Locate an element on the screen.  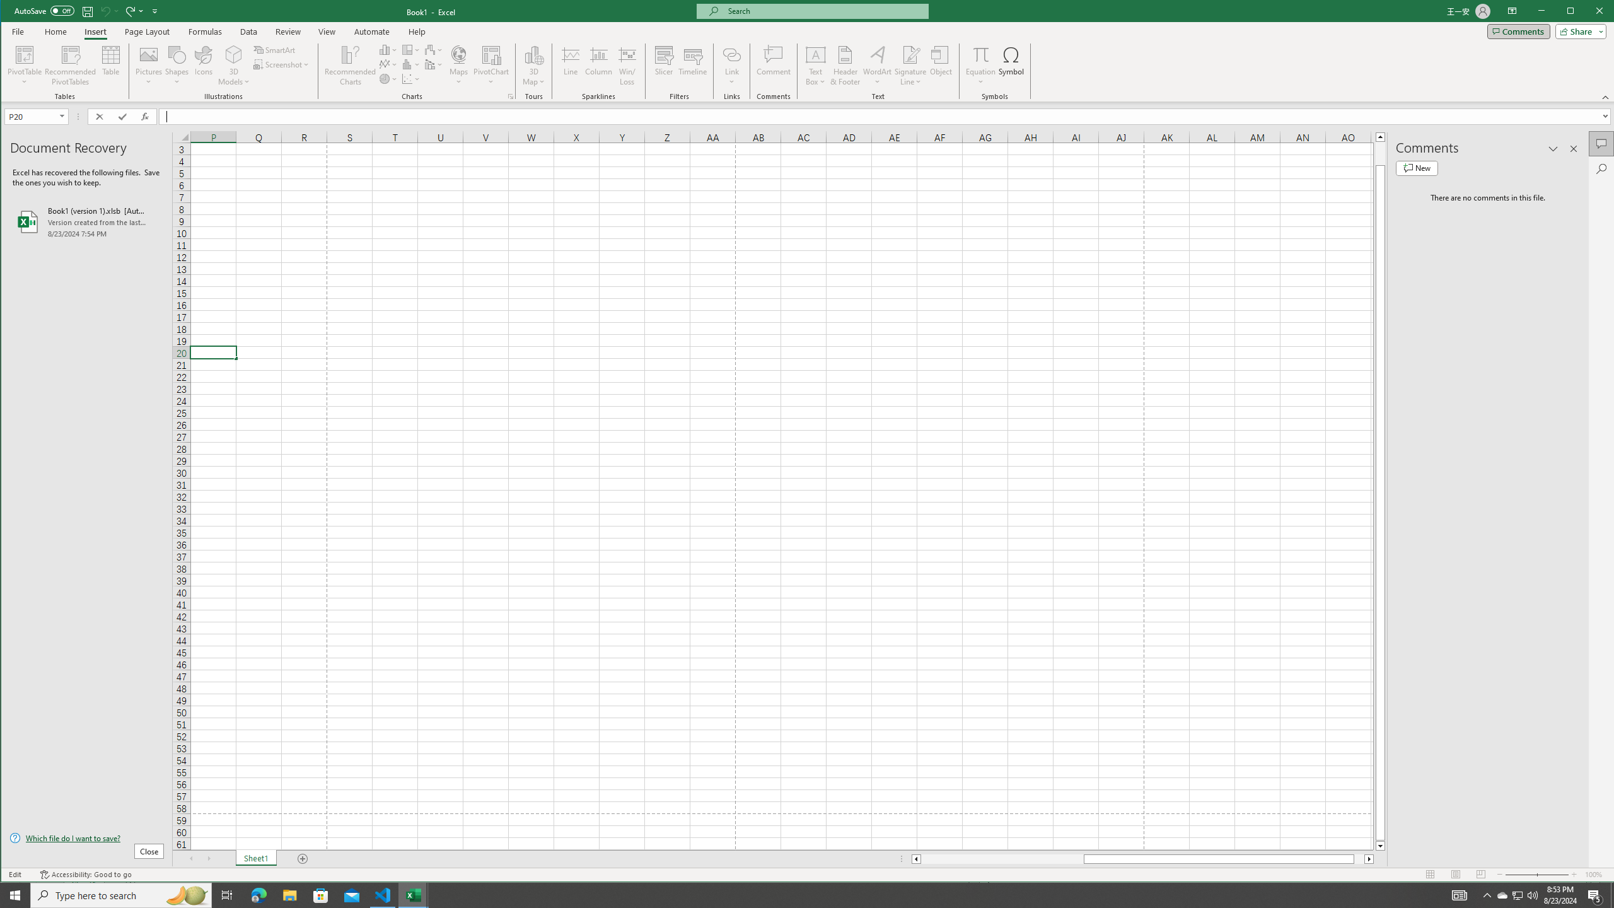
'Review' is located at coordinates (287, 31).